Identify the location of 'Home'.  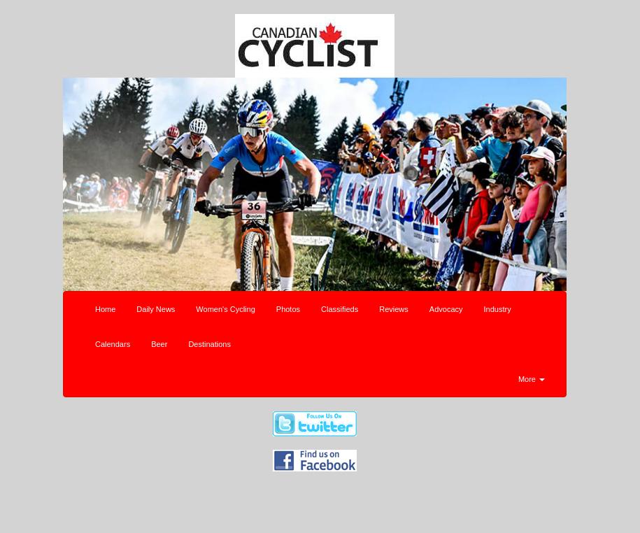
(94, 307).